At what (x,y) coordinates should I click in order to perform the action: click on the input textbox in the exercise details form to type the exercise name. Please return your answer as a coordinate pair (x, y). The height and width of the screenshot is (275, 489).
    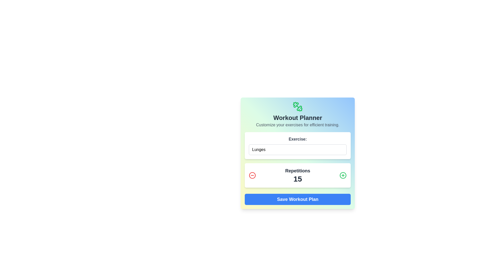
    Looking at the image, I should click on (298, 153).